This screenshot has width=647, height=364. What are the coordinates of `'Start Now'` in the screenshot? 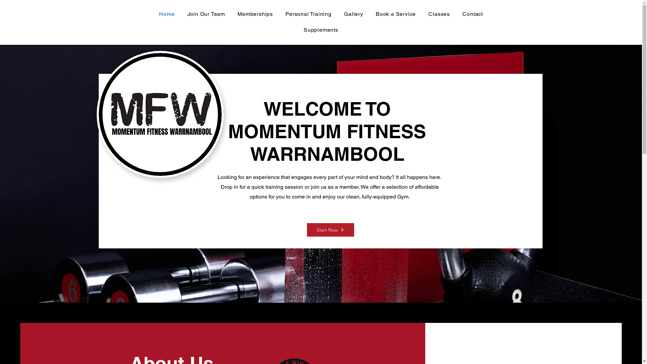 It's located at (330, 230).